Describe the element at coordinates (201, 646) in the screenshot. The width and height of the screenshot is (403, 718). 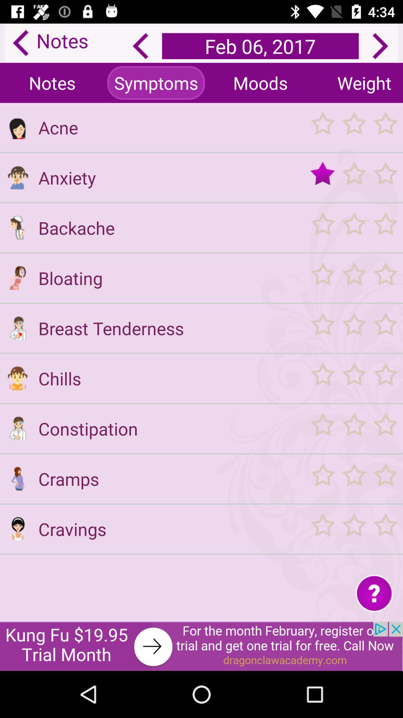
I see `advertisement page` at that location.